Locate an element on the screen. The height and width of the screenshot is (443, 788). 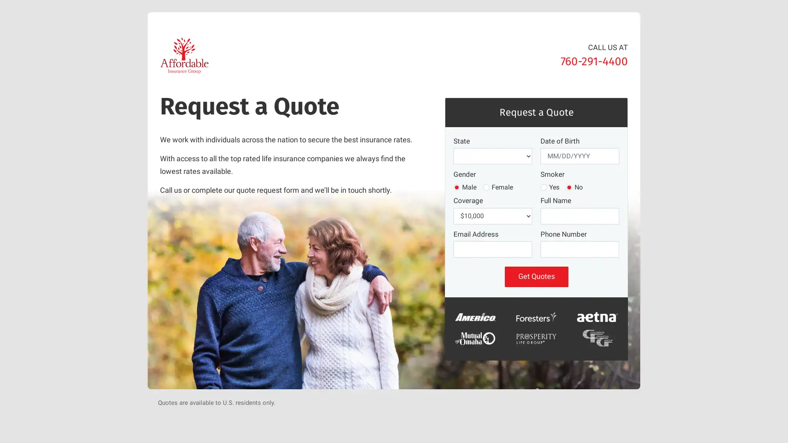
Get Quotes is located at coordinates (536, 276).